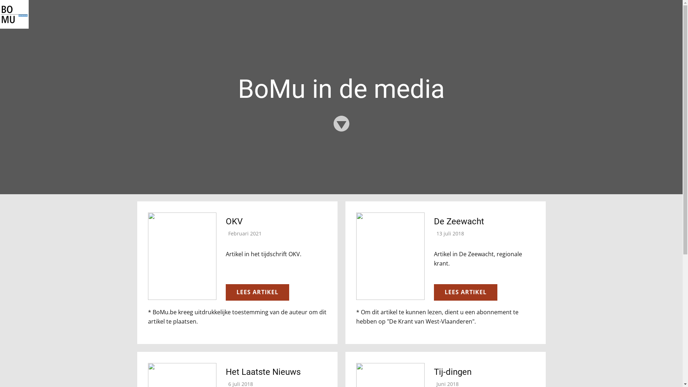 Image resolution: width=688 pixels, height=387 pixels. Describe the element at coordinates (225, 292) in the screenshot. I see `'LEES ARTIKEL'` at that location.